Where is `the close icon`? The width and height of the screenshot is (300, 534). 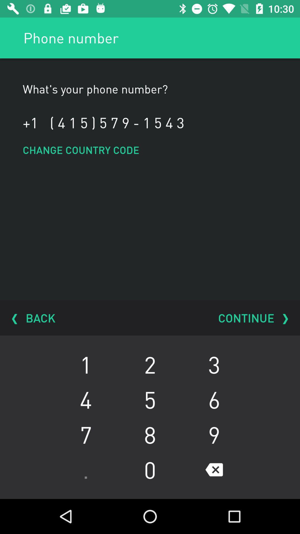 the close icon is located at coordinates (214, 469).